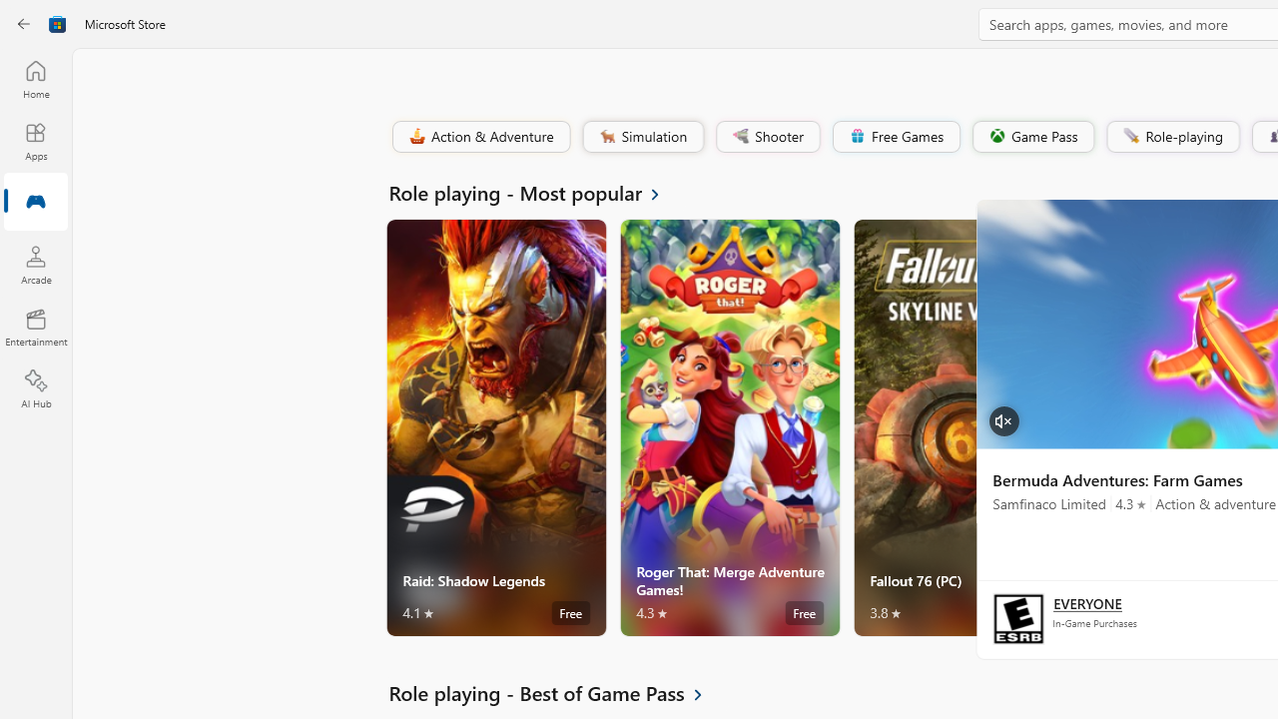 This screenshot has height=719, width=1278. Describe the element at coordinates (35, 140) in the screenshot. I see `'Apps'` at that location.